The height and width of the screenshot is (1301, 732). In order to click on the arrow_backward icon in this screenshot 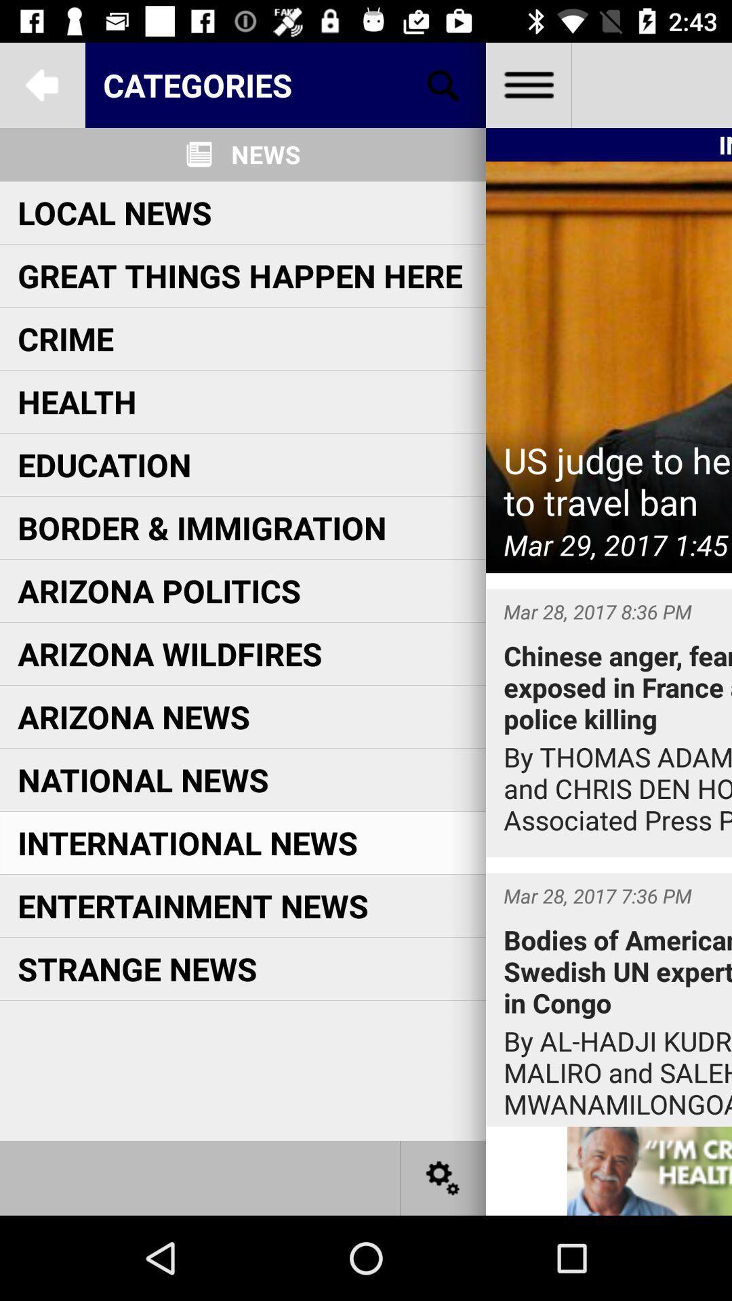, I will do `click(41, 84)`.